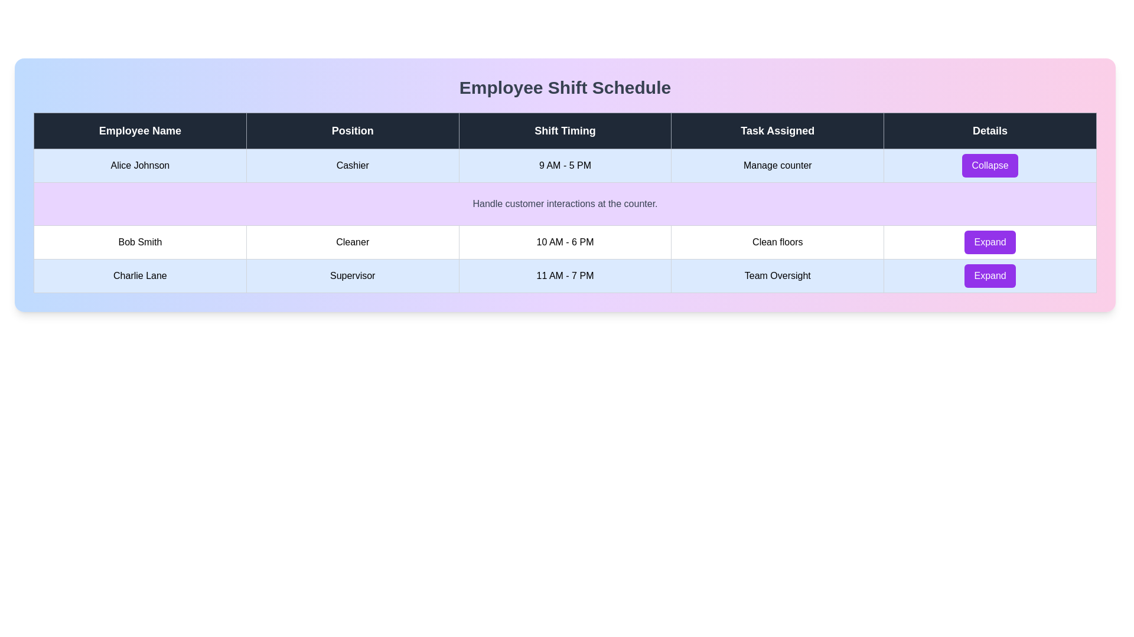 Image resolution: width=1134 pixels, height=637 pixels. I want to click on the tabular data row displaying employee schedule details for highlighting, so click(564, 275).